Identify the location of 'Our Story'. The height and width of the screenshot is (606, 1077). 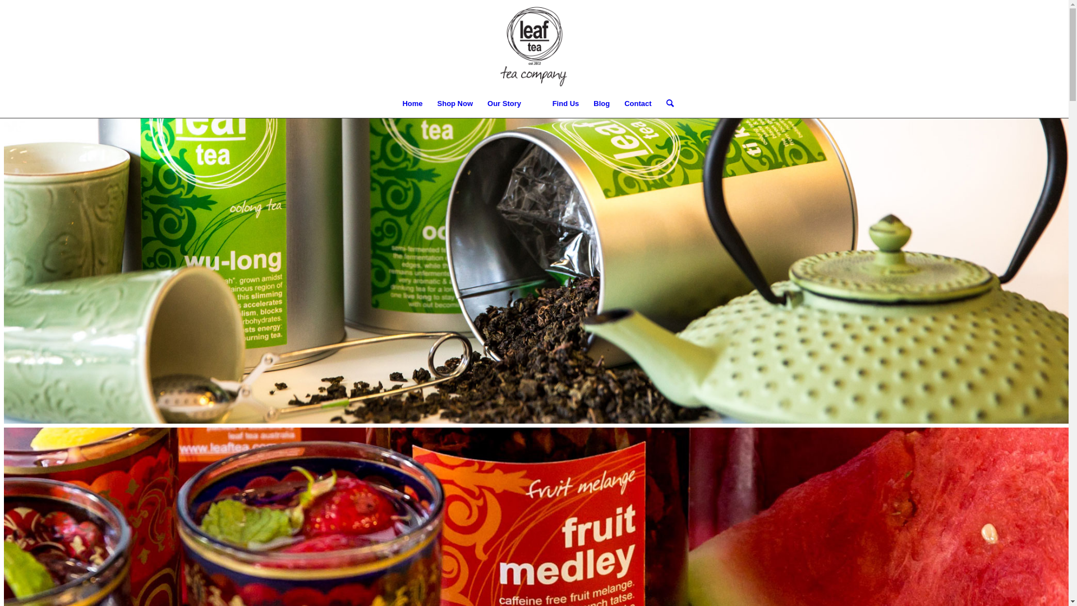
(503, 104).